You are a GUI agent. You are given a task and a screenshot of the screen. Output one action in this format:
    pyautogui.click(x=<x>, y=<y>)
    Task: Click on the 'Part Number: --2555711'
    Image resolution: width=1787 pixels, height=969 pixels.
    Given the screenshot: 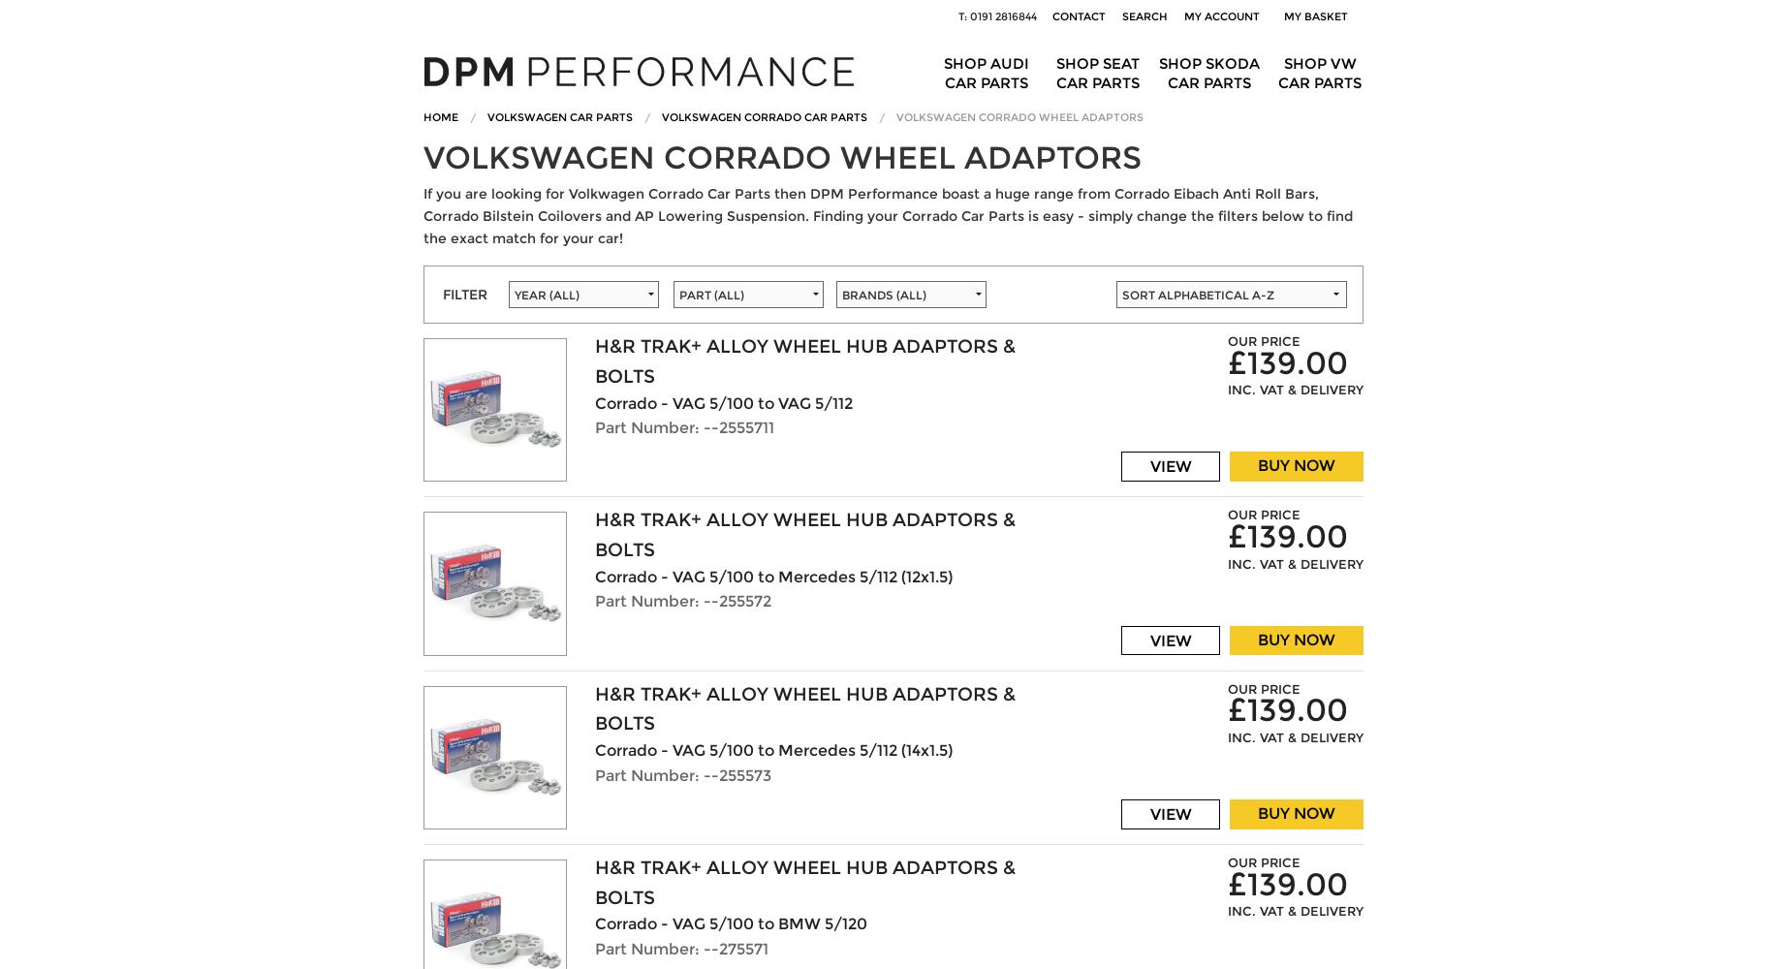 What is the action you would take?
    pyautogui.click(x=683, y=426)
    